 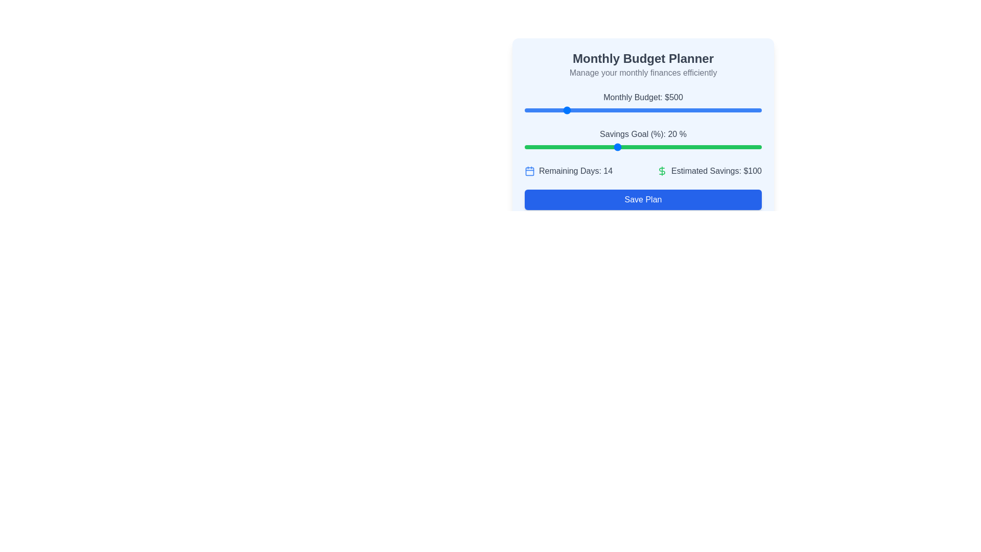 What do you see at coordinates (606, 147) in the screenshot?
I see `the Savings Goal (%)` at bounding box center [606, 147].